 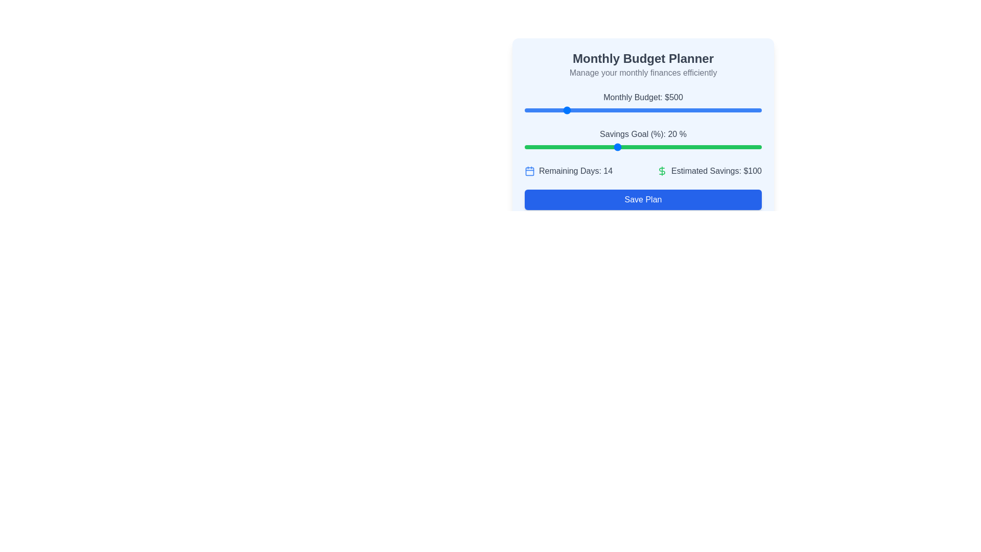 What do you see at coordinates (606, 147) in the screenshot?
I see `the Savings Goal (%)` at bounding box center [606, 147].